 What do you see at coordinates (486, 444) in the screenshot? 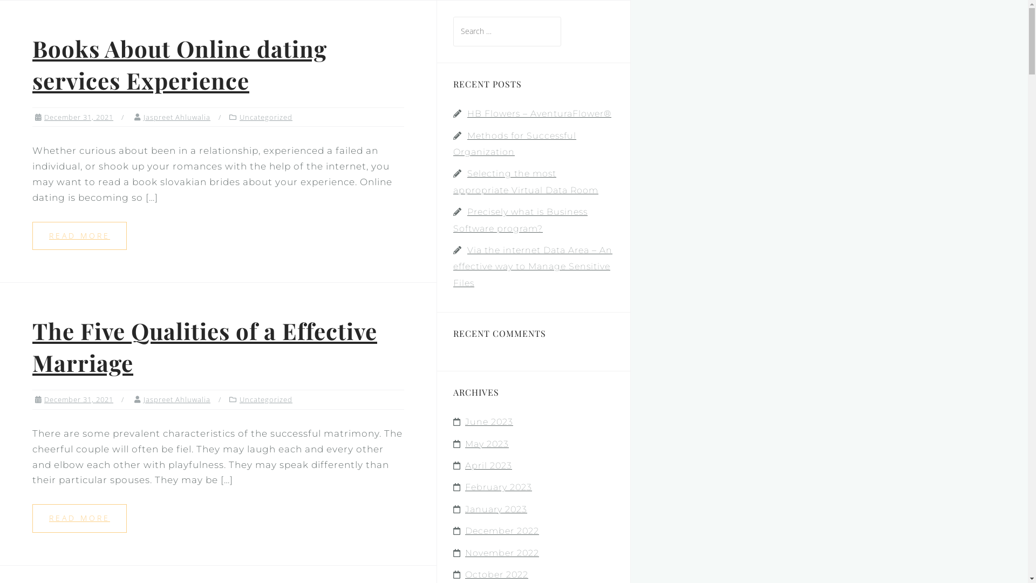
I see `'May 2023'` at bounding box center [486, 444].